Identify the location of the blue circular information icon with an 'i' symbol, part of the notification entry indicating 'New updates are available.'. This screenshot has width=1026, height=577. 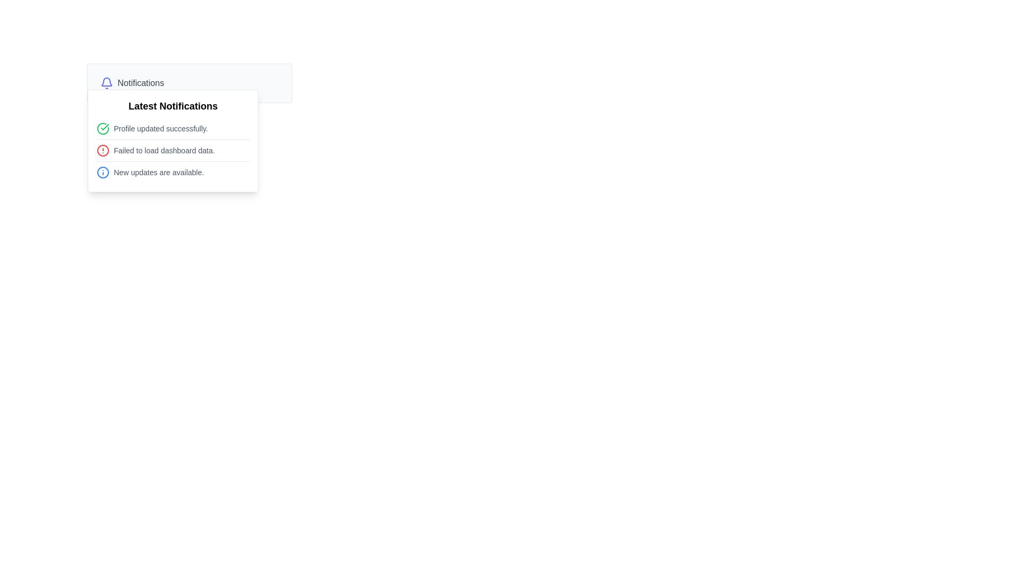
(103, 172).